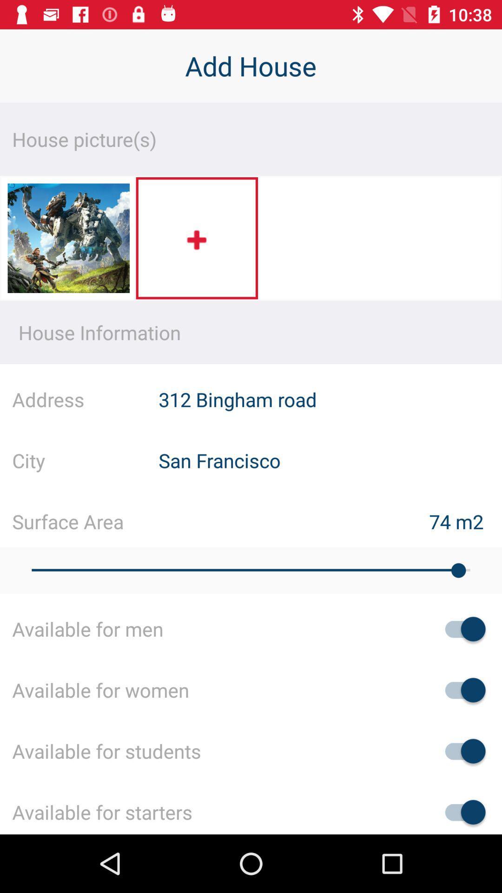  I want to click on switch available for students option, so click(461, 751).